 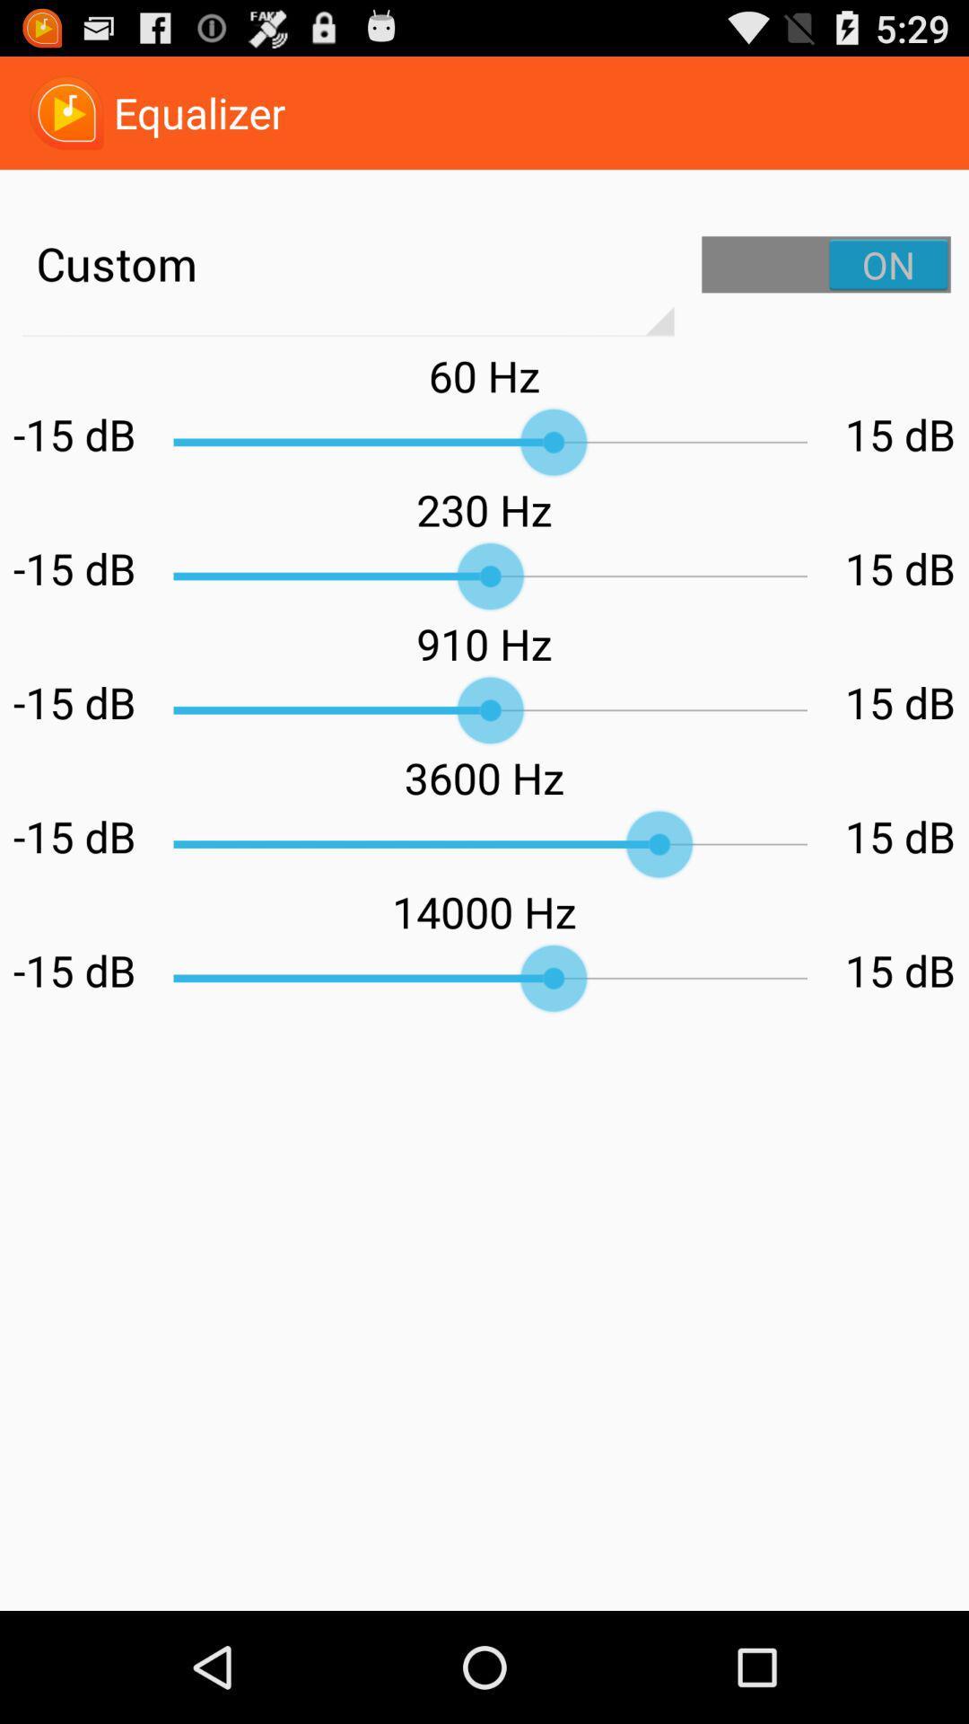 What do you see at coordinates (826, 263) in the screenshot?
I see `the icon to the right of the custom item` at bounding box center [826, 263].